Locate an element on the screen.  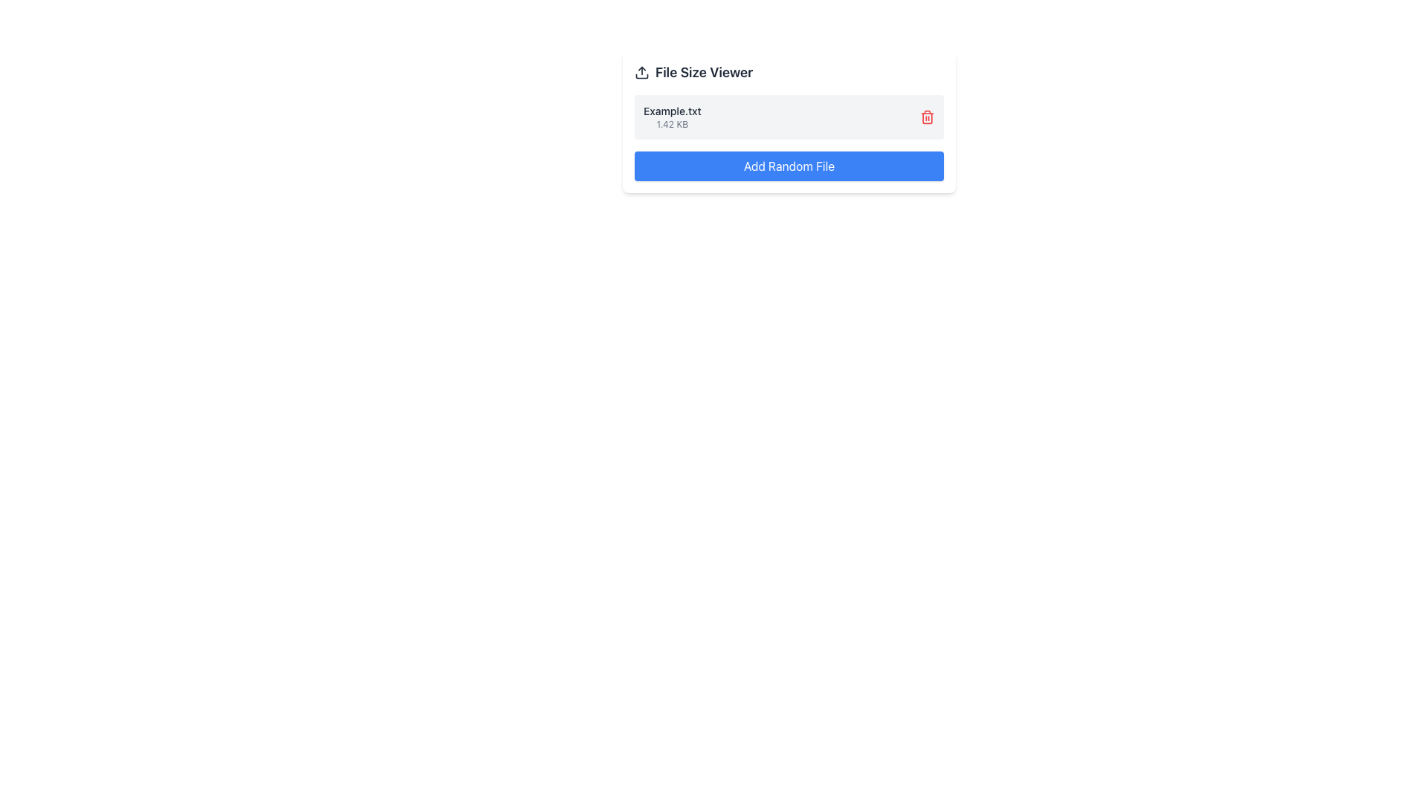
on the file name 'Example.txt' in the Text Display is located at coordinates (671, 117).